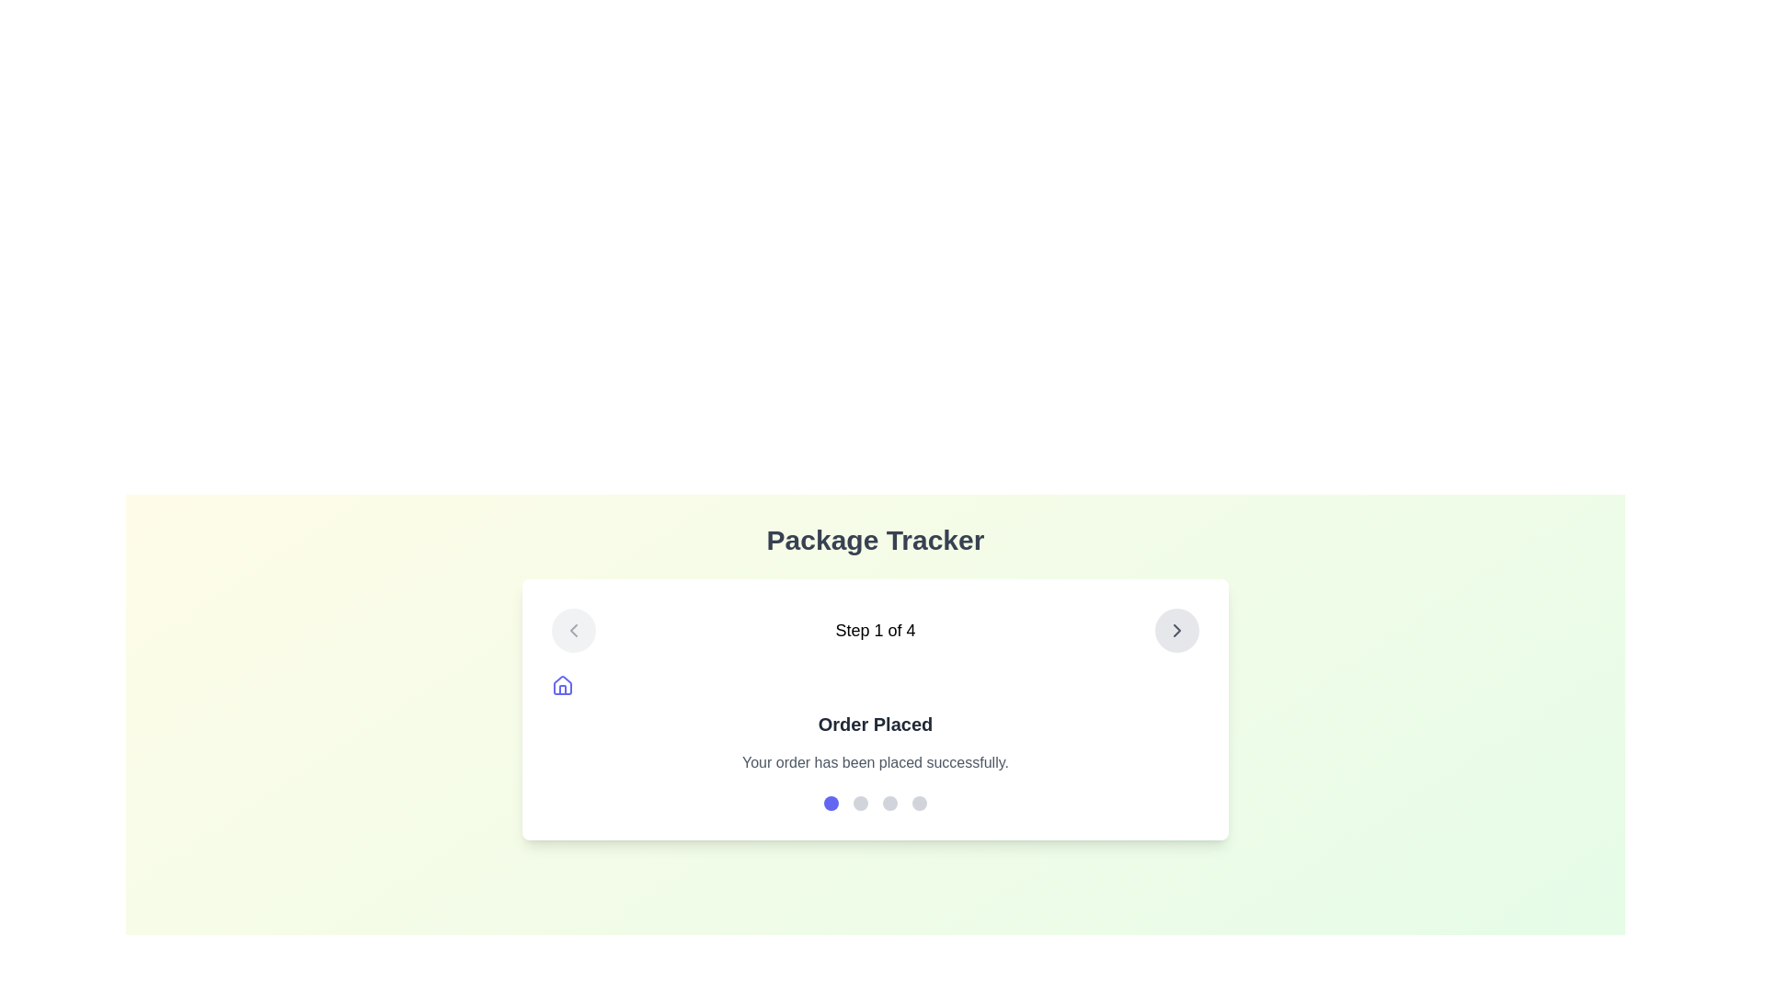 The width and height of the screenshot is (1766, 993). What do you see at coordinates (874, 762) in the screenshot?
I see `the static text element that reads 'Your order has been placed successfully.' which is styled in muted gray and located below 'Order Placed'` at bounding box center [874, 762].